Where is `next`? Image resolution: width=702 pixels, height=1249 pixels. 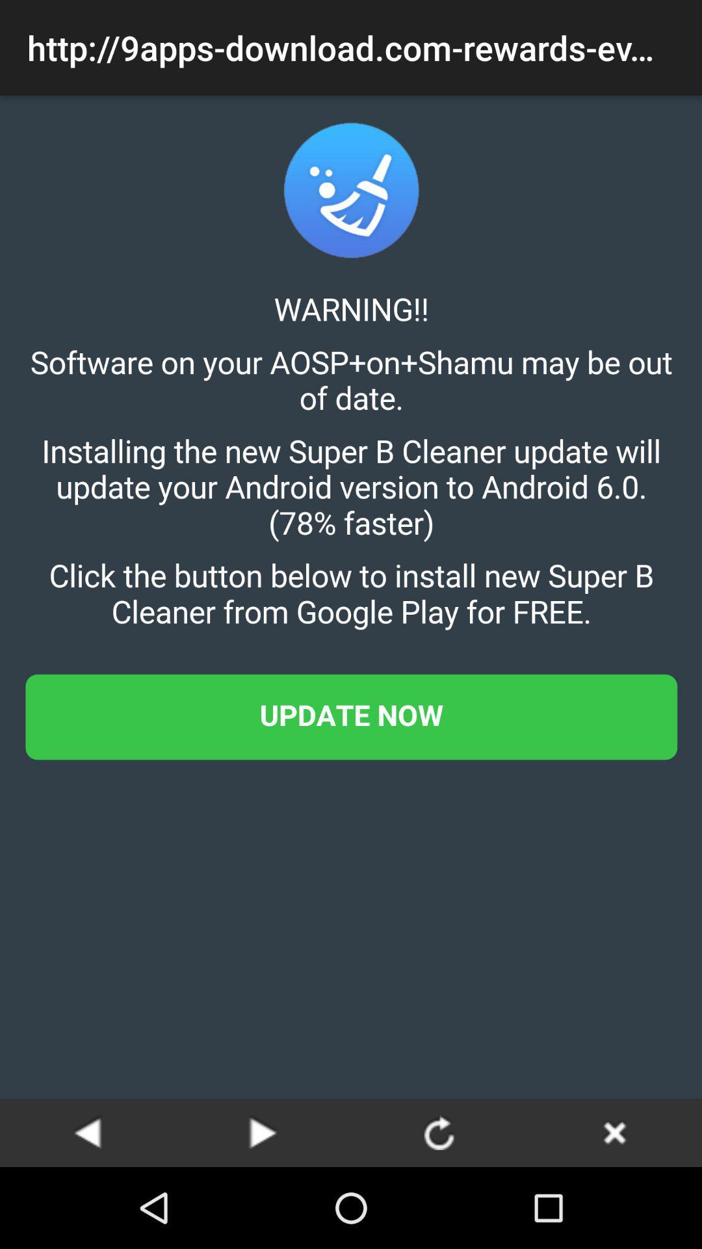
next is located at coordinates (263, 1132).